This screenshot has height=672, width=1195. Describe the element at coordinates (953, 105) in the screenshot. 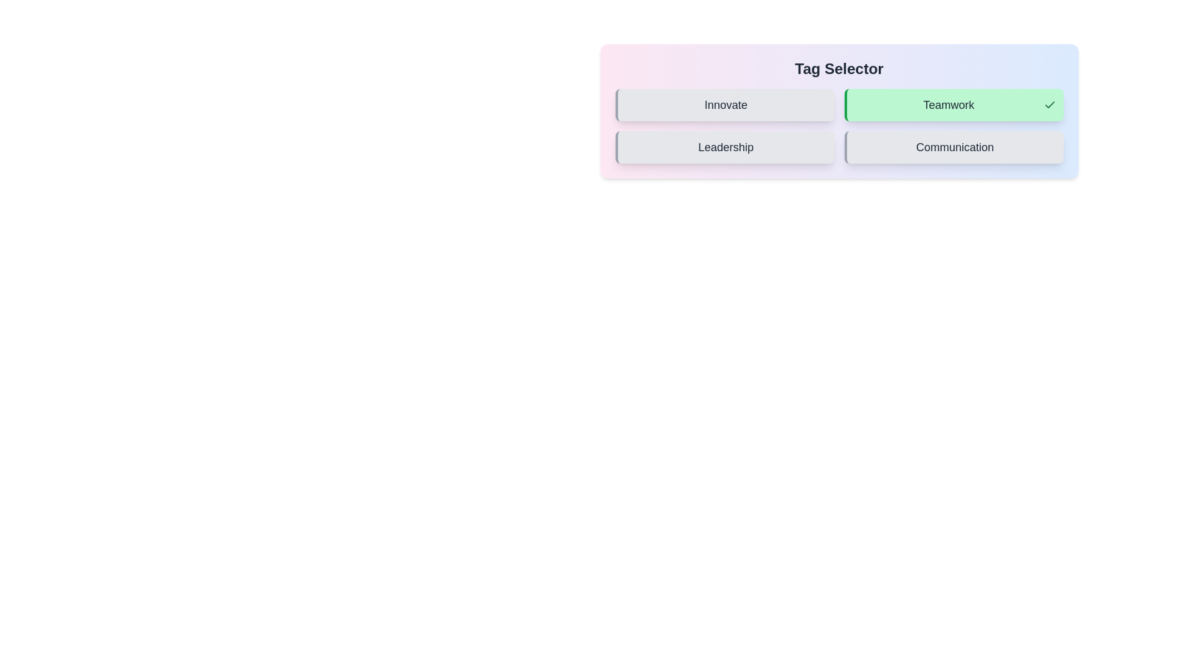

I see `the tag Teamwork to observe hover effects` at that location.